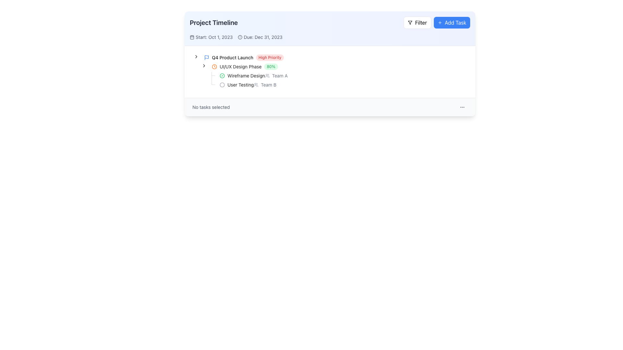 This screenshot has width=623, height=350. What do you see at coordinates (214, 37) in the screenshot?
I see `the text label displaying 'Start: Oct 1, 2023' next to the calendar icon in the project timeline heading area` at bounding box center [214, 37].